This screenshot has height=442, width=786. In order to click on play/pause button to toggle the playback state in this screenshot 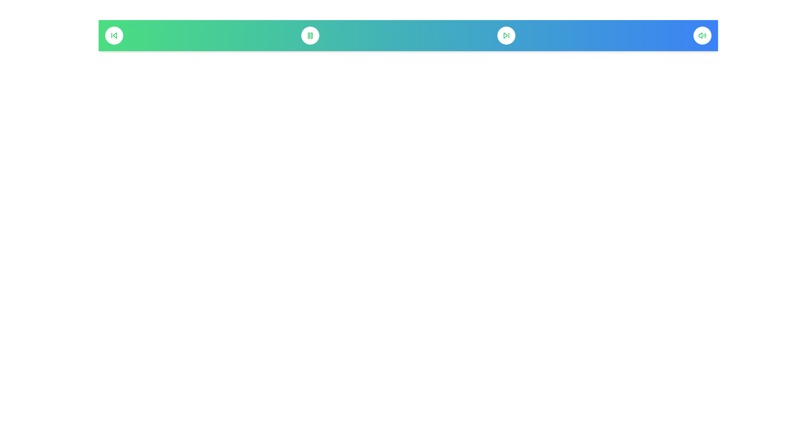, I will do `click(310, 35)`.